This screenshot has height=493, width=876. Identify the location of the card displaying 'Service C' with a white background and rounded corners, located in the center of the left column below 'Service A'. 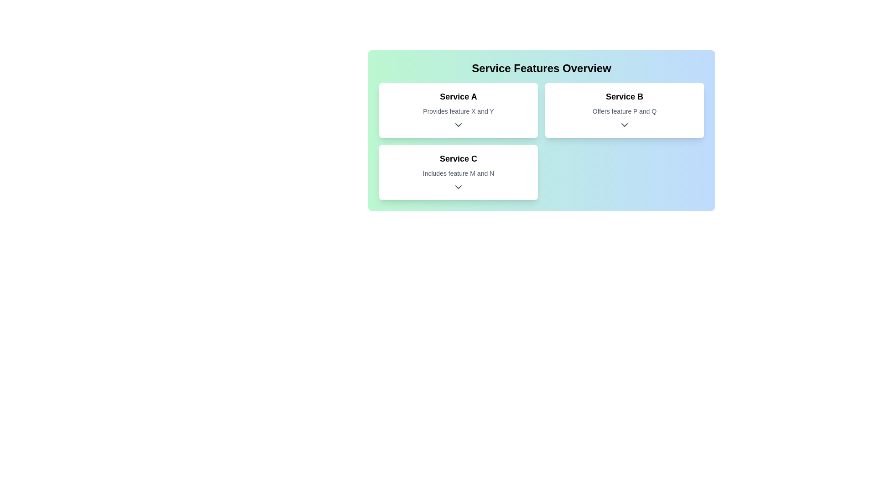
(458, 173).